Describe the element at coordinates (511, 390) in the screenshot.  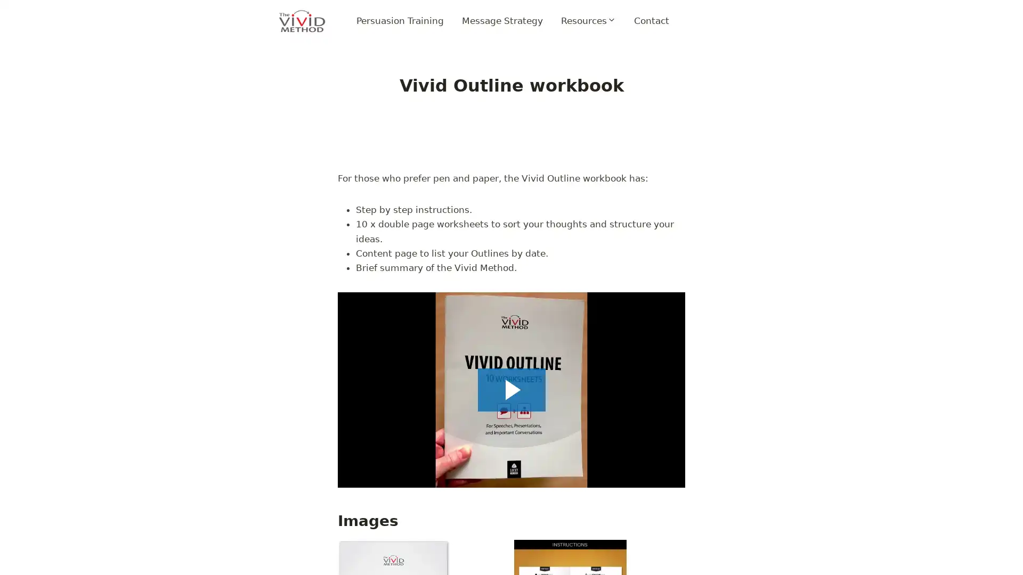
I see `Play` at that location.